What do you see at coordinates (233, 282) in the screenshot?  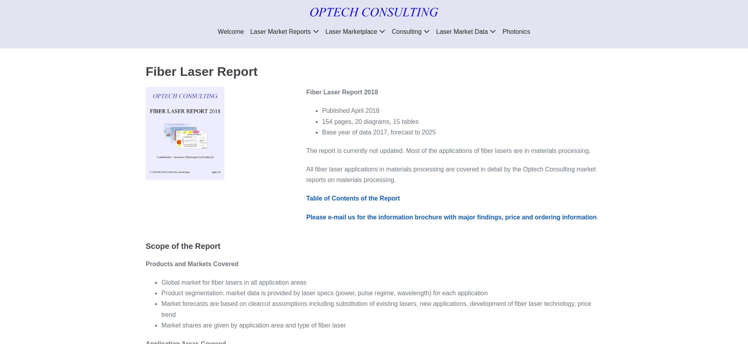 I see `'Global market for fiber lasers in all application areas'` at bounding box center [233, 282].